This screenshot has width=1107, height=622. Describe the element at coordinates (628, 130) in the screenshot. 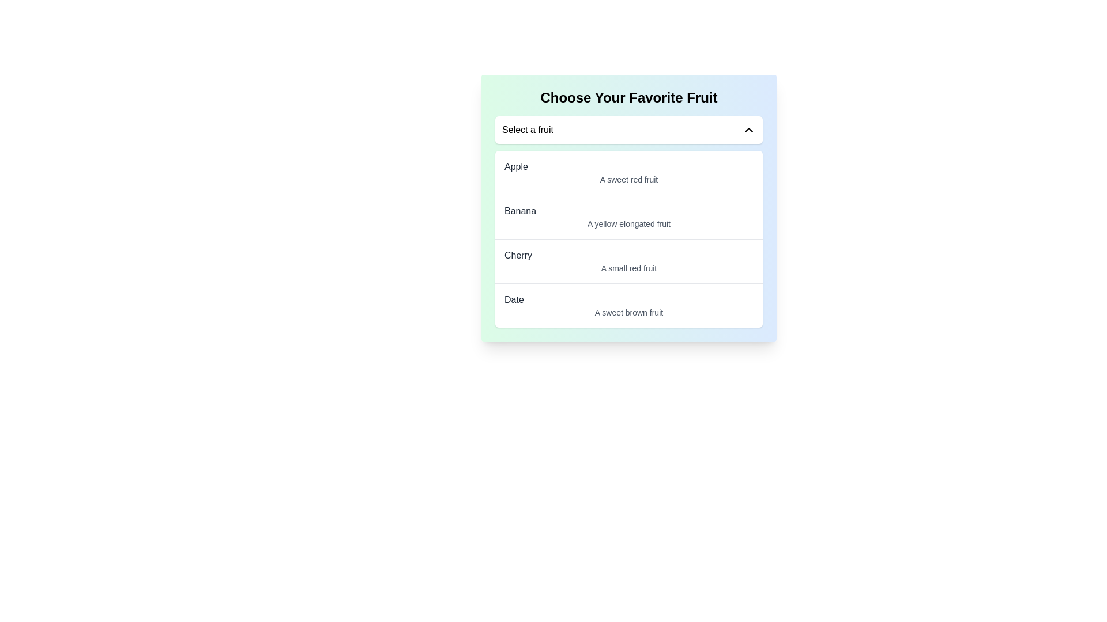

I see `the dropdown menu trigger for 'Choose Your Favorite Fruit'` at that location.